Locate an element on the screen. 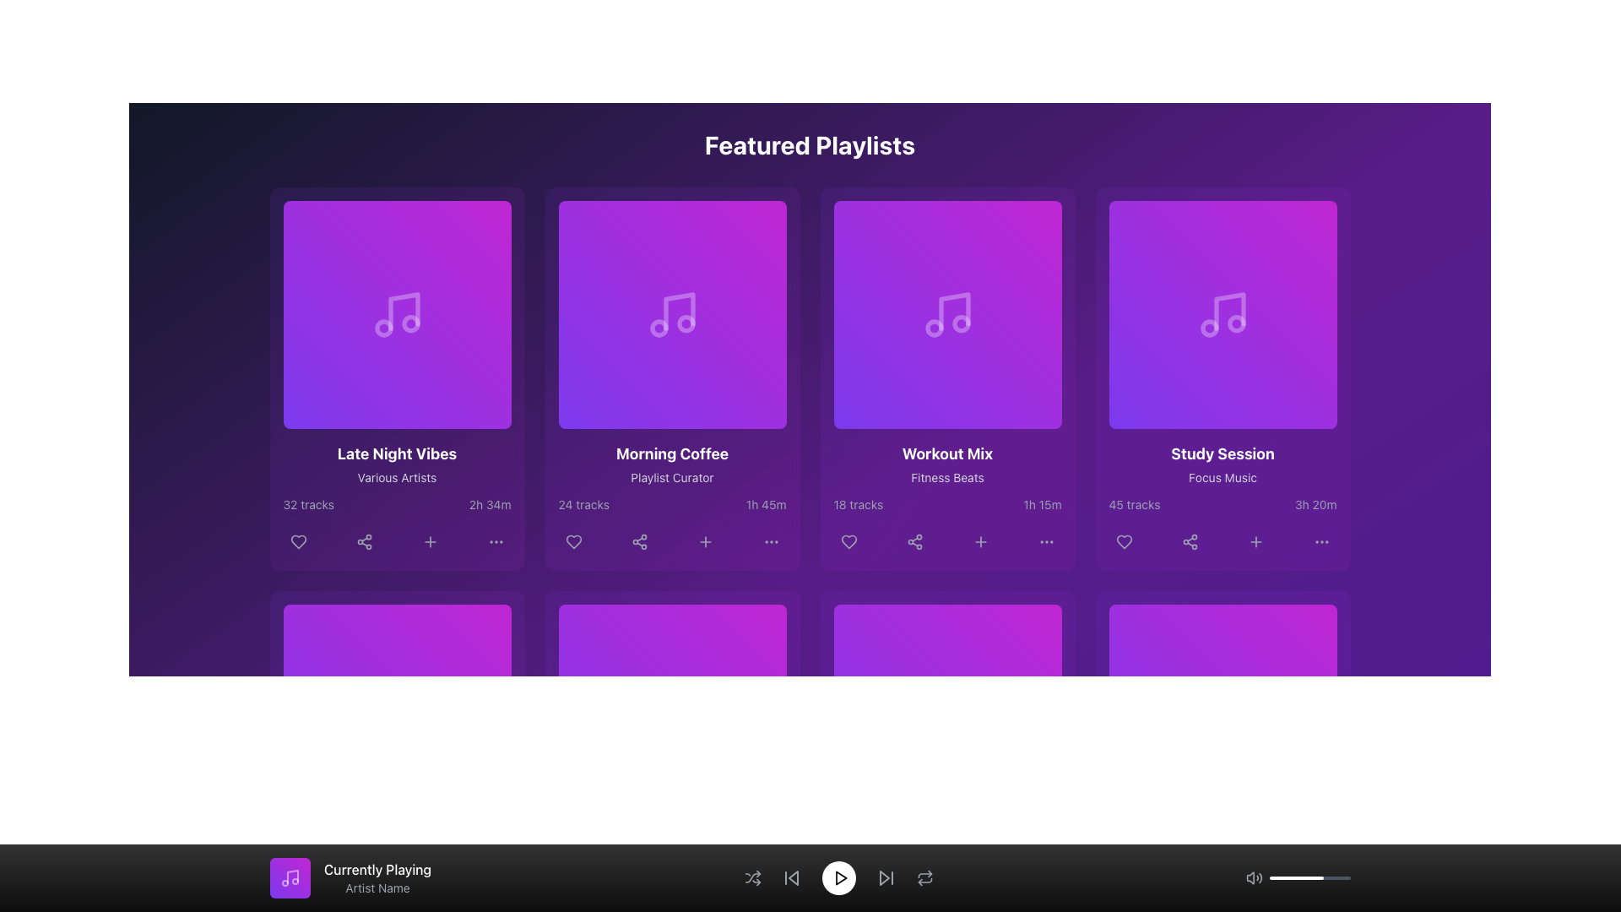  the plus icon button located at the bottom of the 'Workout Mix' section is located at coordinates (980, 541).